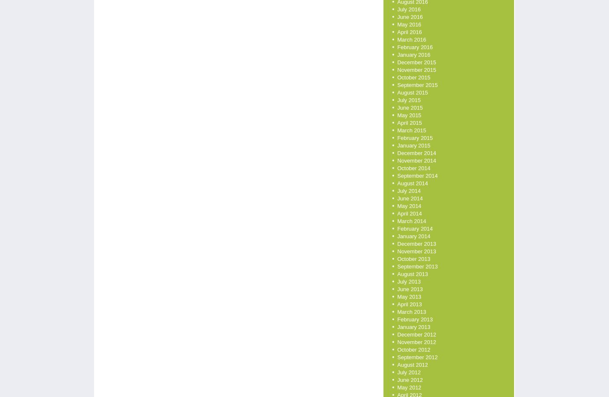  Describe the element at coordinates (396, 289) in the screenshot. I see `'June 2013'` at that location.